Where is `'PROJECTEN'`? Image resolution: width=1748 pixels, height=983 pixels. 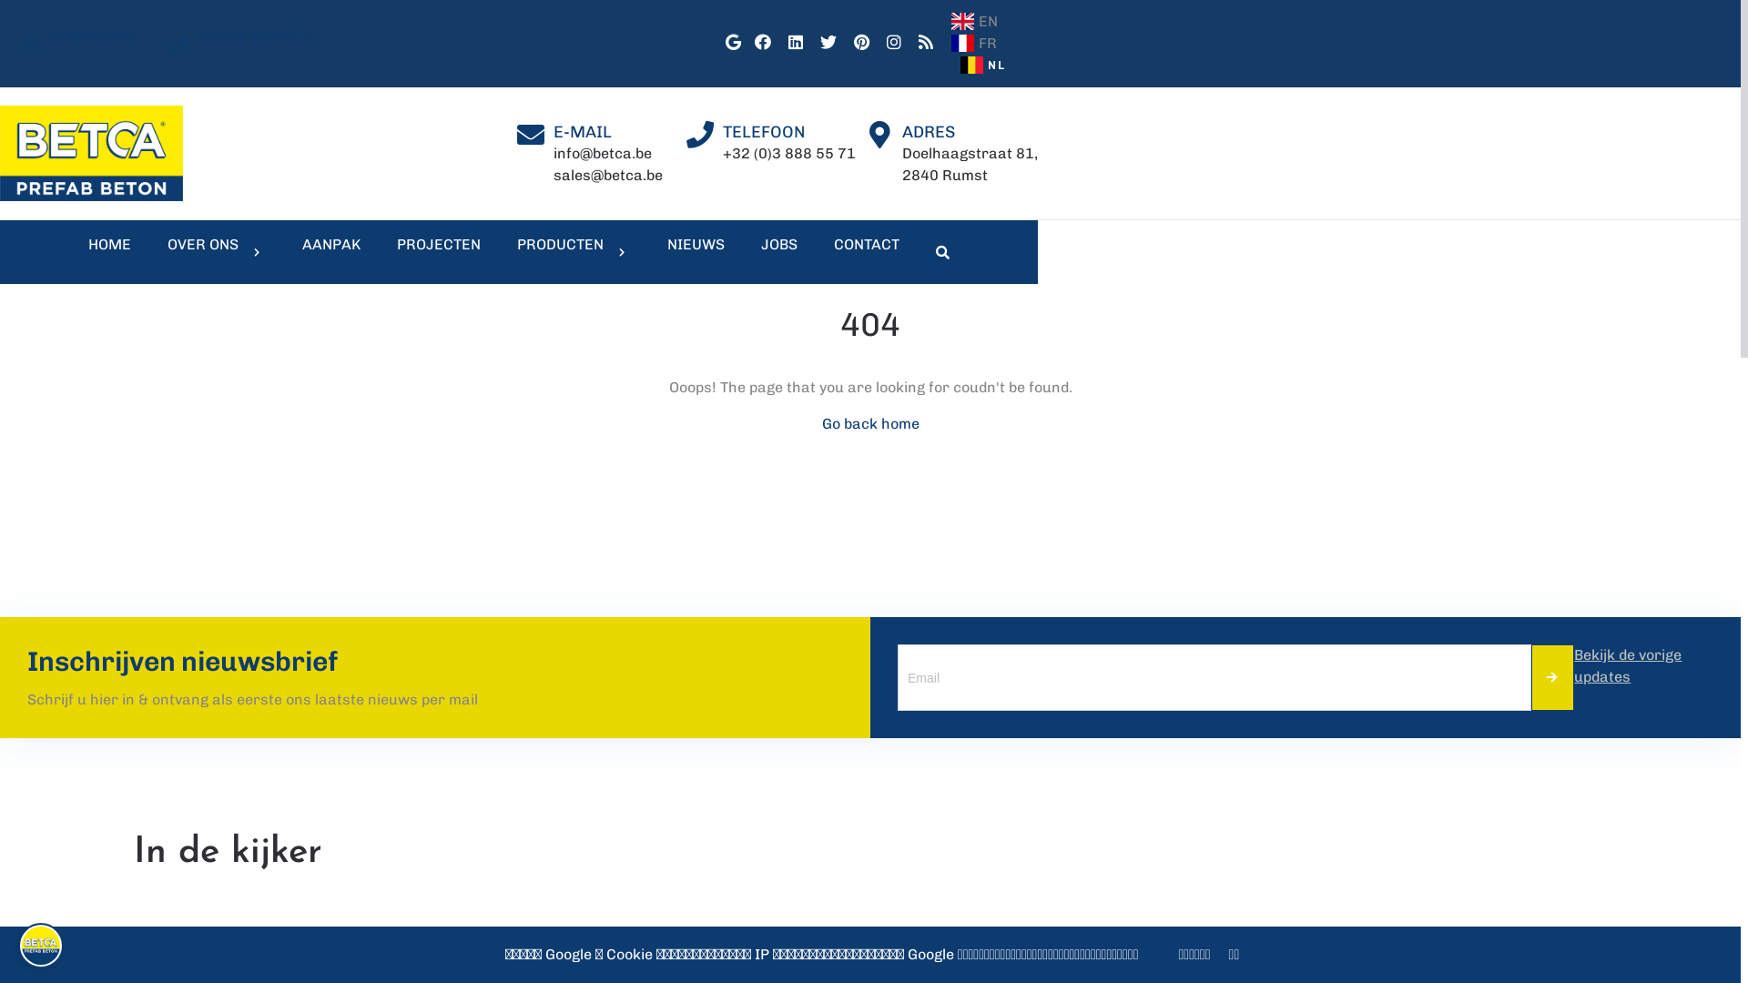 'PROJECTEN' is located at coordinates (438, 252).